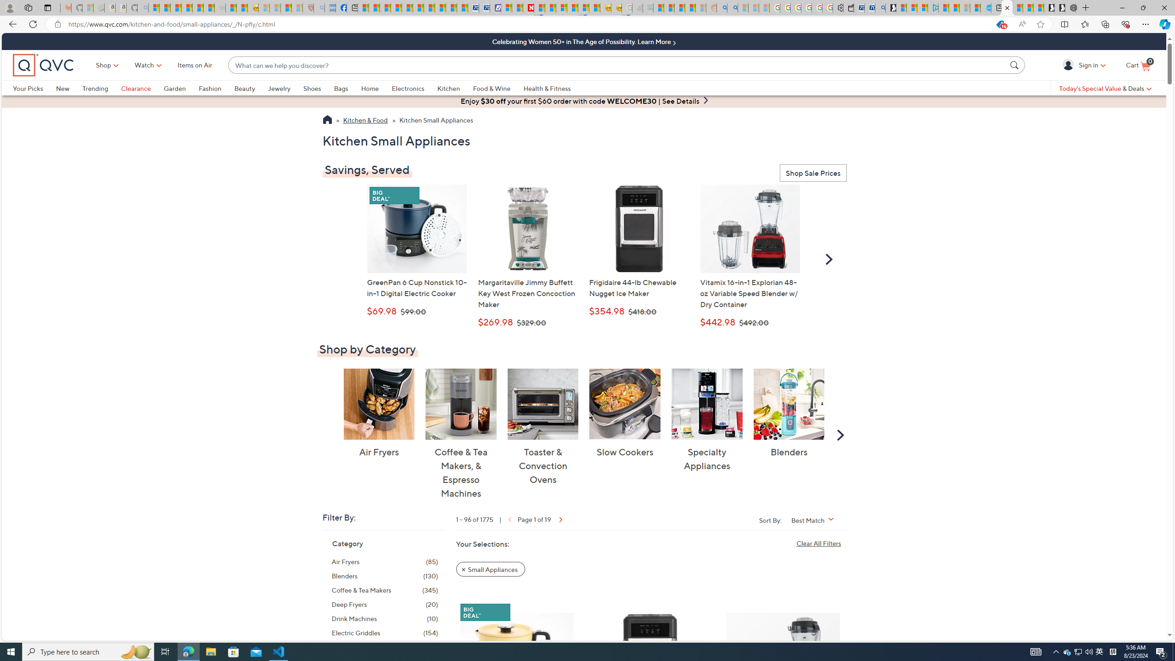  Describe the element at coordinates (135, 88) in the screenshot. I see `'Clearance'` at that location.